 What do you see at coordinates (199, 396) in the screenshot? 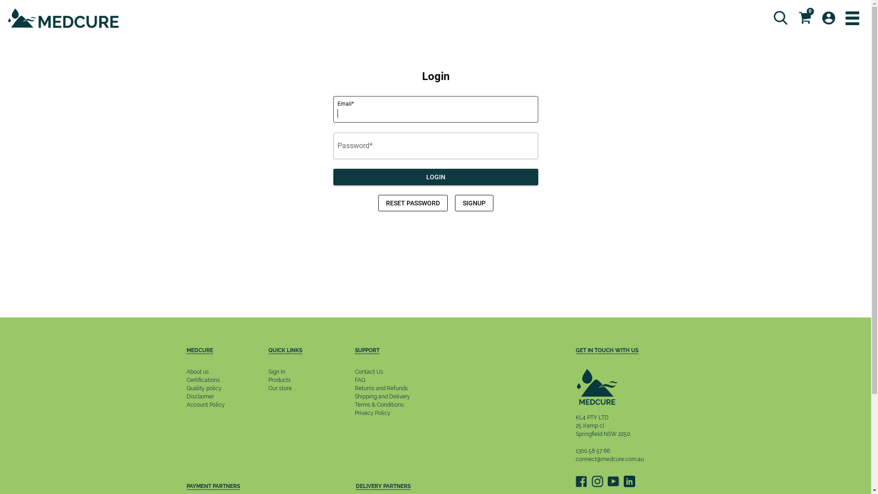
I see `'Disclaimer'` at bounding box center [199, 396].